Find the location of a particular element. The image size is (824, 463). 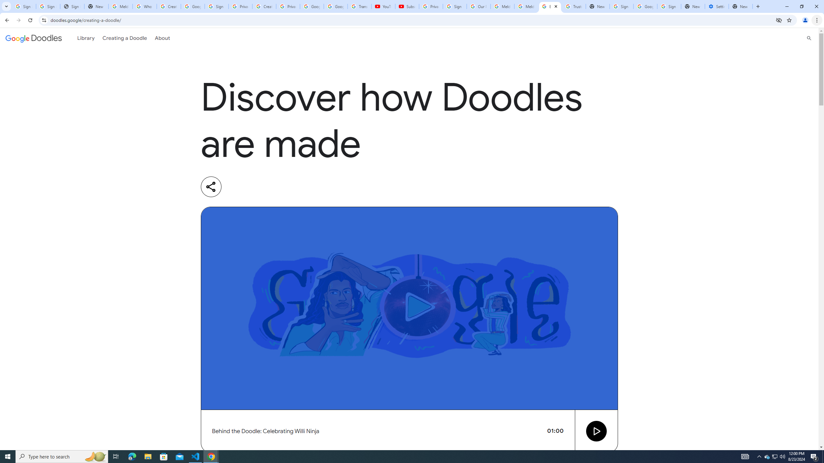

'Video preview image' is located at coordinates (409, 308).